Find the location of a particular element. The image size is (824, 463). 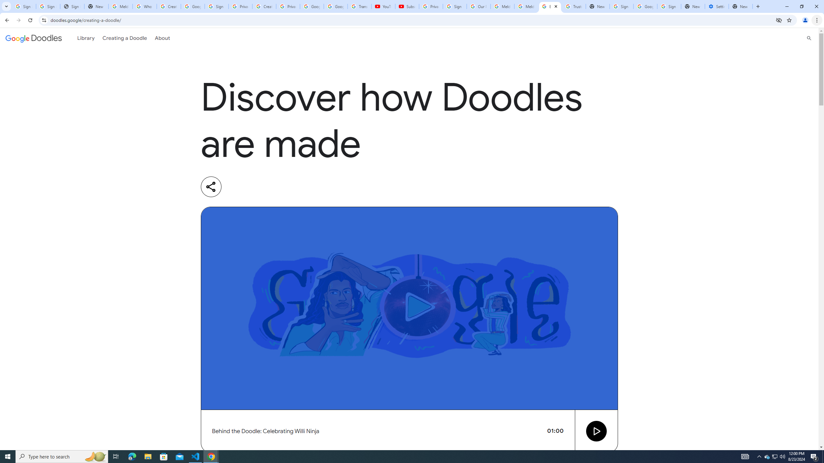

'Video preview image' is located at coordinates (409, 308).